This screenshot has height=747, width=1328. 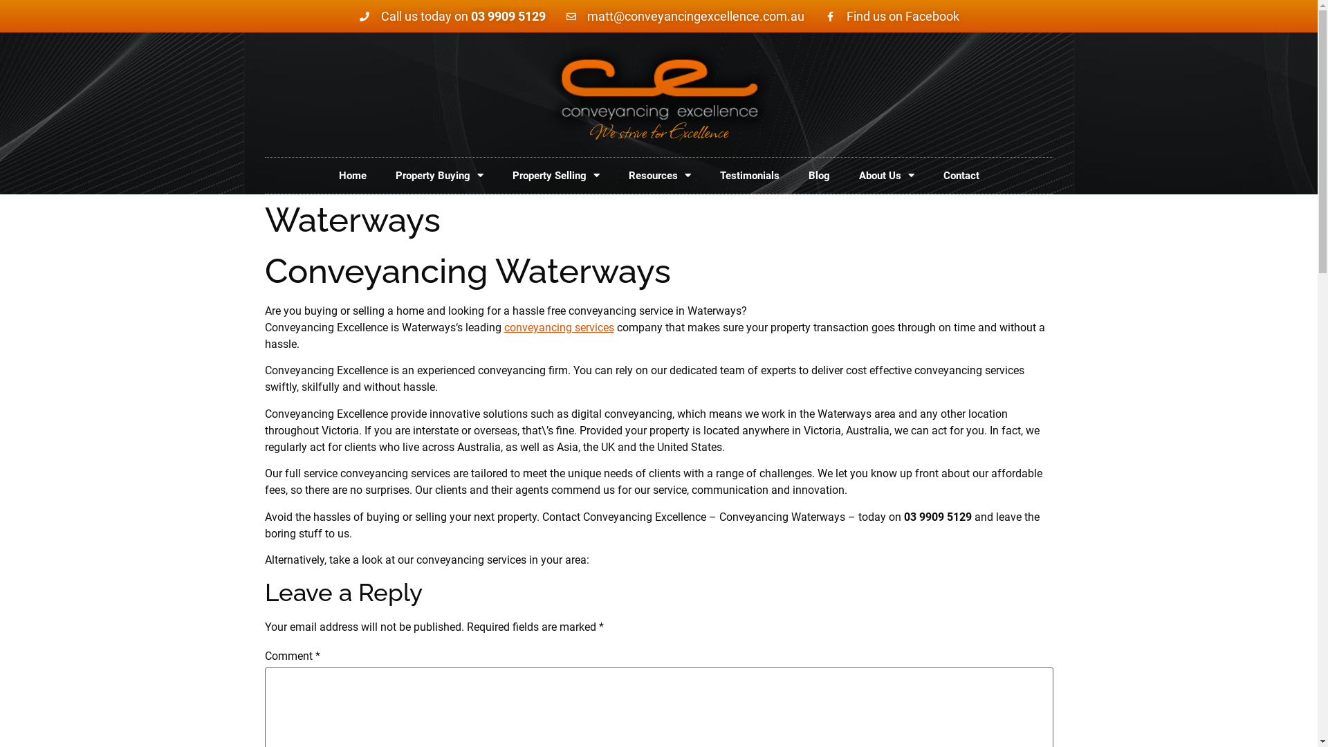 I want to click on 'Home', so click(x=351, y=175).